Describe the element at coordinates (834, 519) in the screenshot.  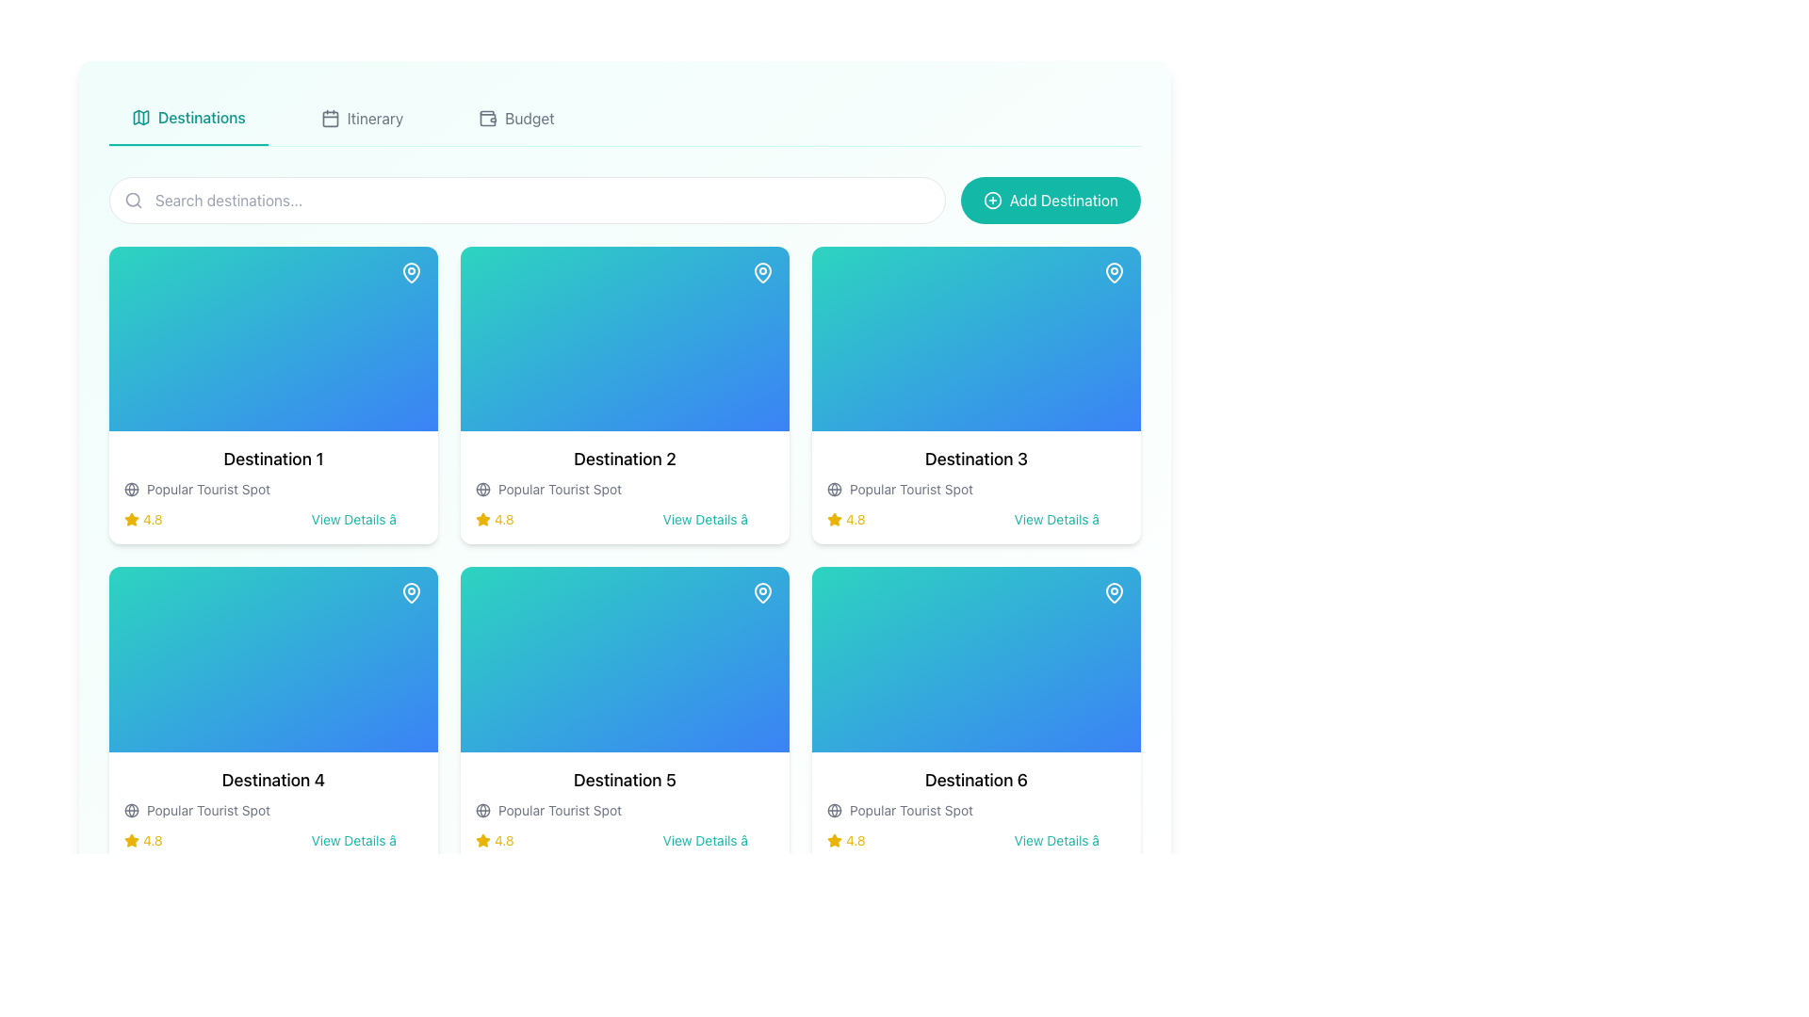
I see `the first star icon, which is a golden-yellow five-pointed star, to rate it` at that location.